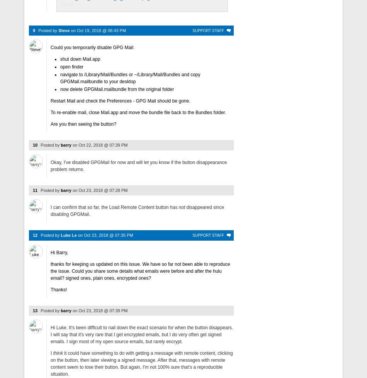 Image resolution: width=367 pixels, height=378 pixels. Describe the element at coordinates (102, 310) in the screenshot. I see `'Oct 23, 2018 @ 07:39 PM'` at that location.